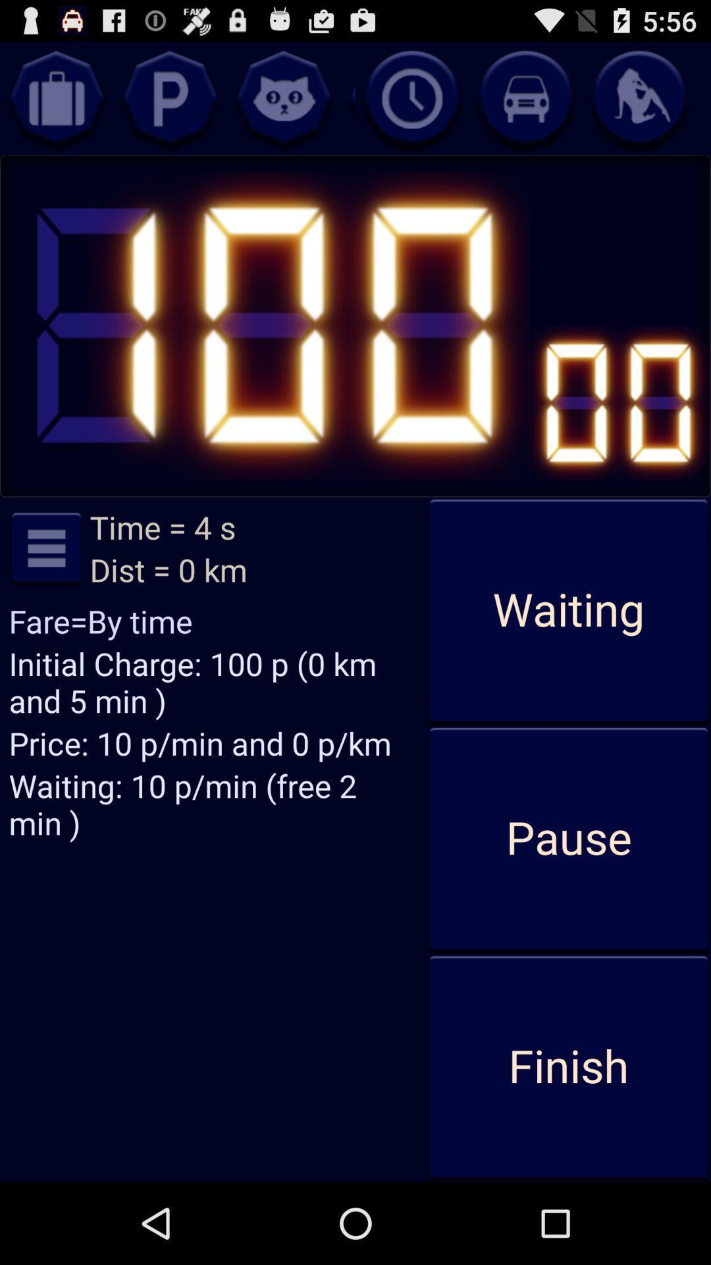  What do you see at coordinates (525, 98) in the screenshot?
I see `calculate a taxi fare` at bounding box center [525, 98].